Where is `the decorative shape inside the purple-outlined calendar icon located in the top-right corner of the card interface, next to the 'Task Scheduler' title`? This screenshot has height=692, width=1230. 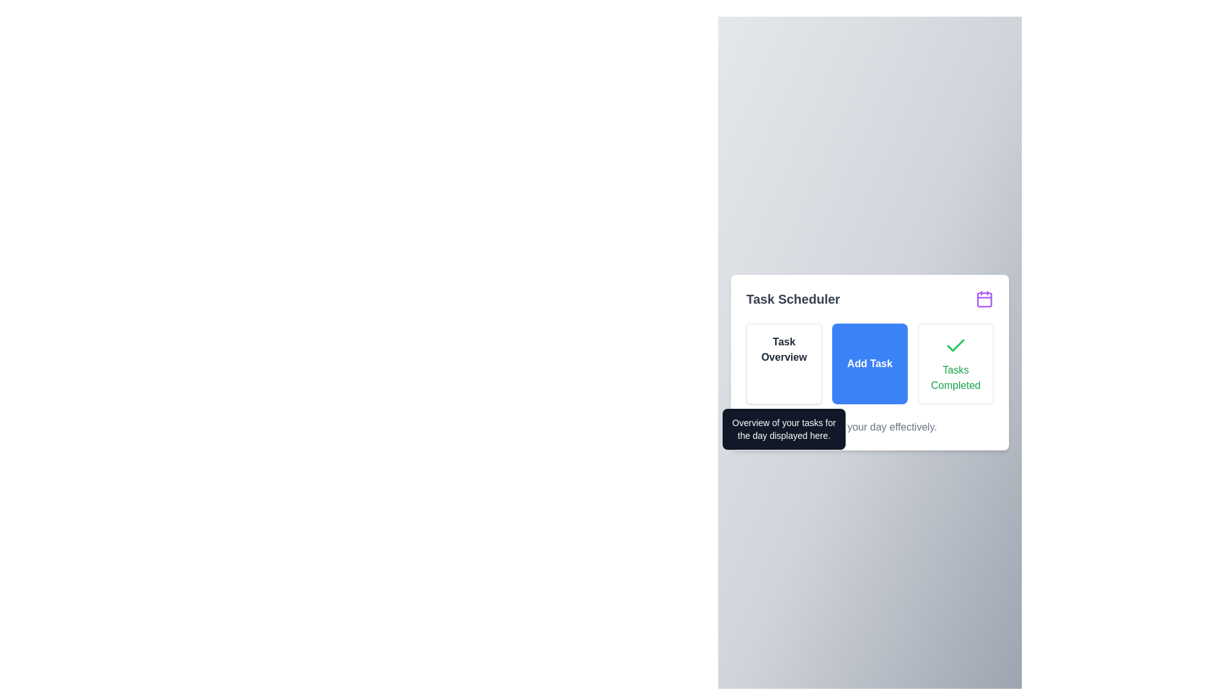 the decorative shape inside the purple-outlined calendar icon located in the top-right corner of the card interface, next to the 'Task Scheduler' title is located at coordinates (983, 299).